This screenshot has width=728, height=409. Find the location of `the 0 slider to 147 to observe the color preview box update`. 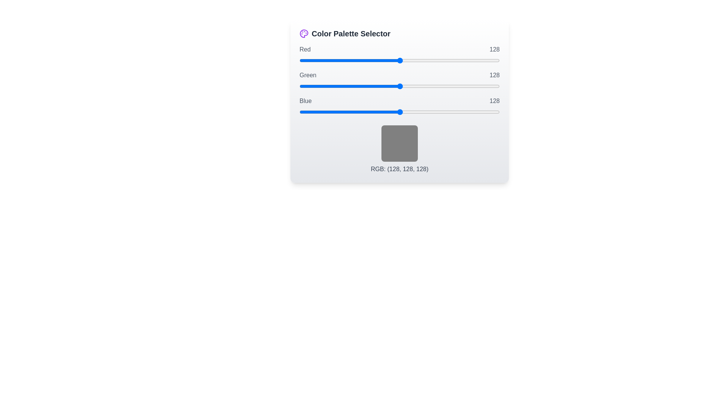

the 0 slider to 147 to observe the color preview box update is located at coordinates (399, 60).